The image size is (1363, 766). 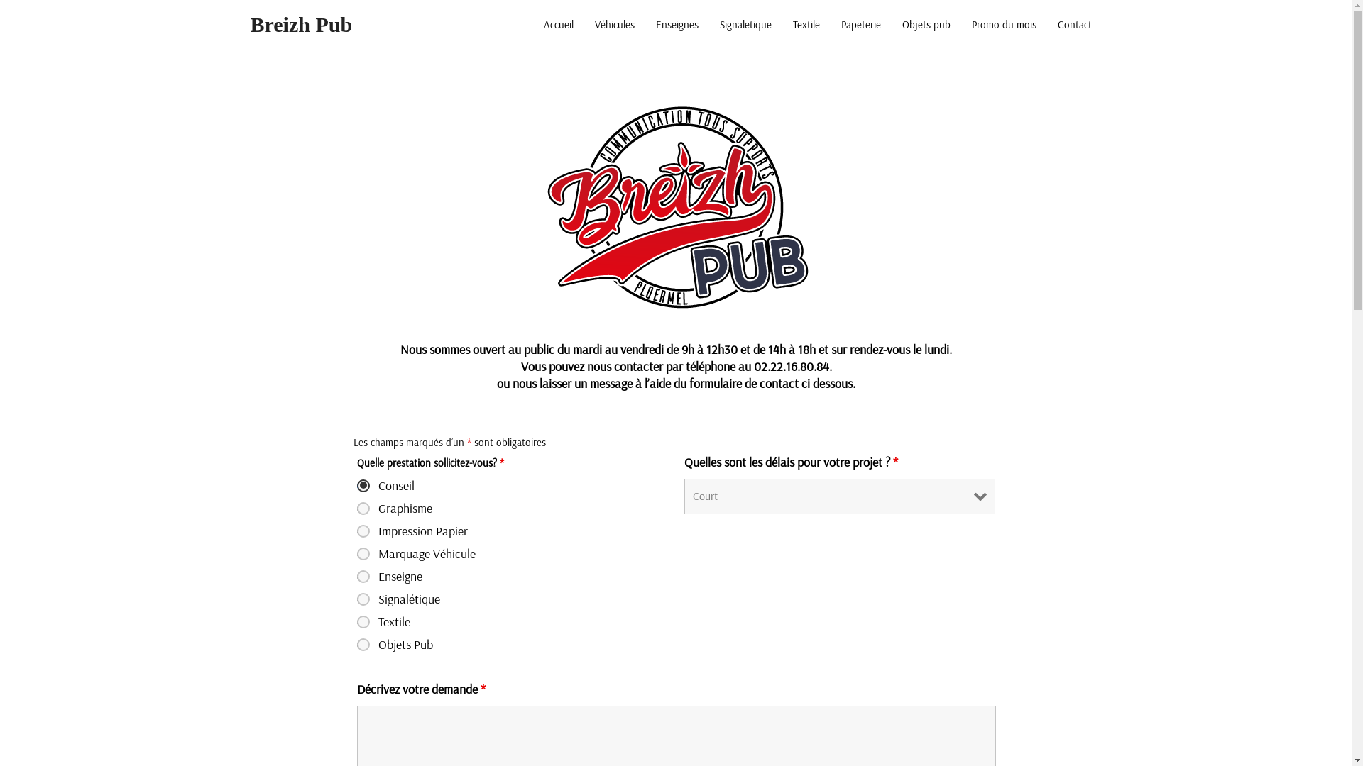 I want to click on 'Promo du mois', so click(x=1003, y=24).